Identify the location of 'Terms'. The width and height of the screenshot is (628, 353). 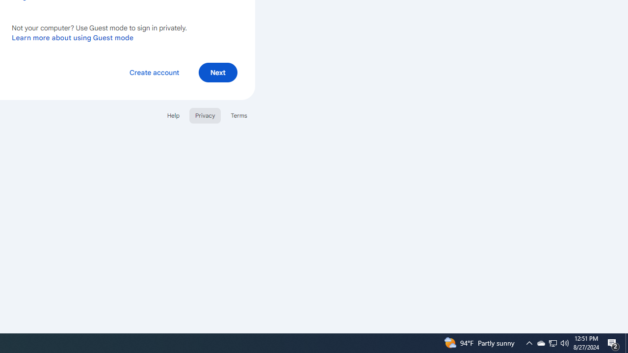
(239, 115).